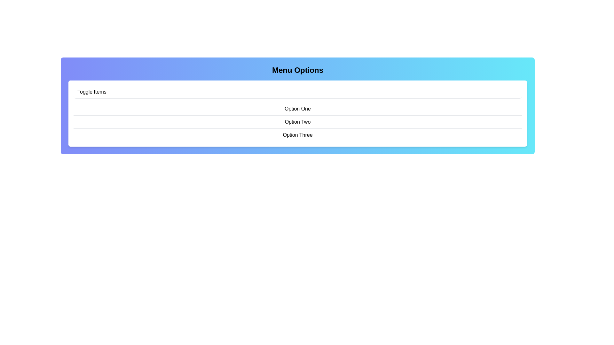 This screenshot has width=614, height=345. What do you see at coordinates (297, 108) in the screenshot?
I see `the menu item Option One to highlight it` at bounding box center [297, 108].